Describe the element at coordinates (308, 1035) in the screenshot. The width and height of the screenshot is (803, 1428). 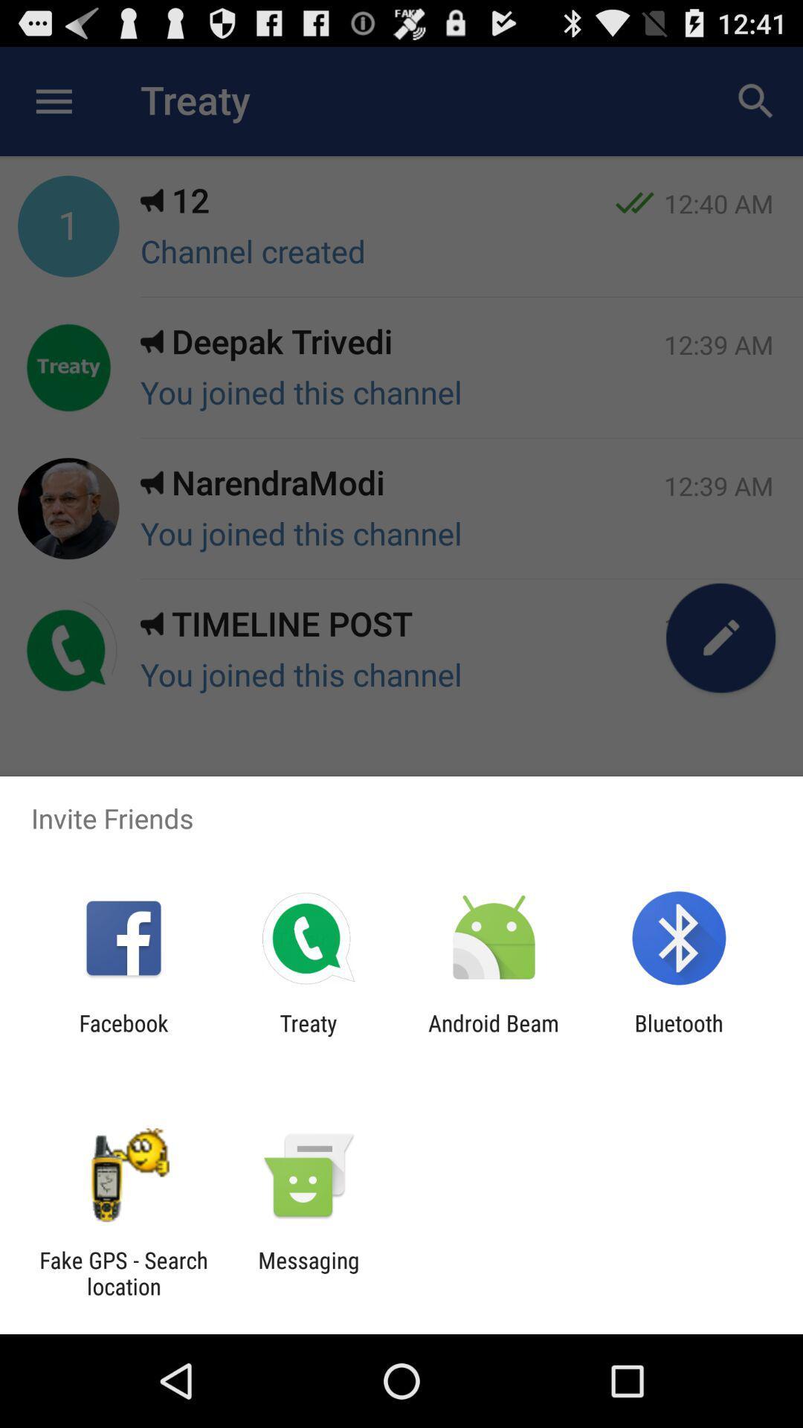
I see `the treaty item` at that location.